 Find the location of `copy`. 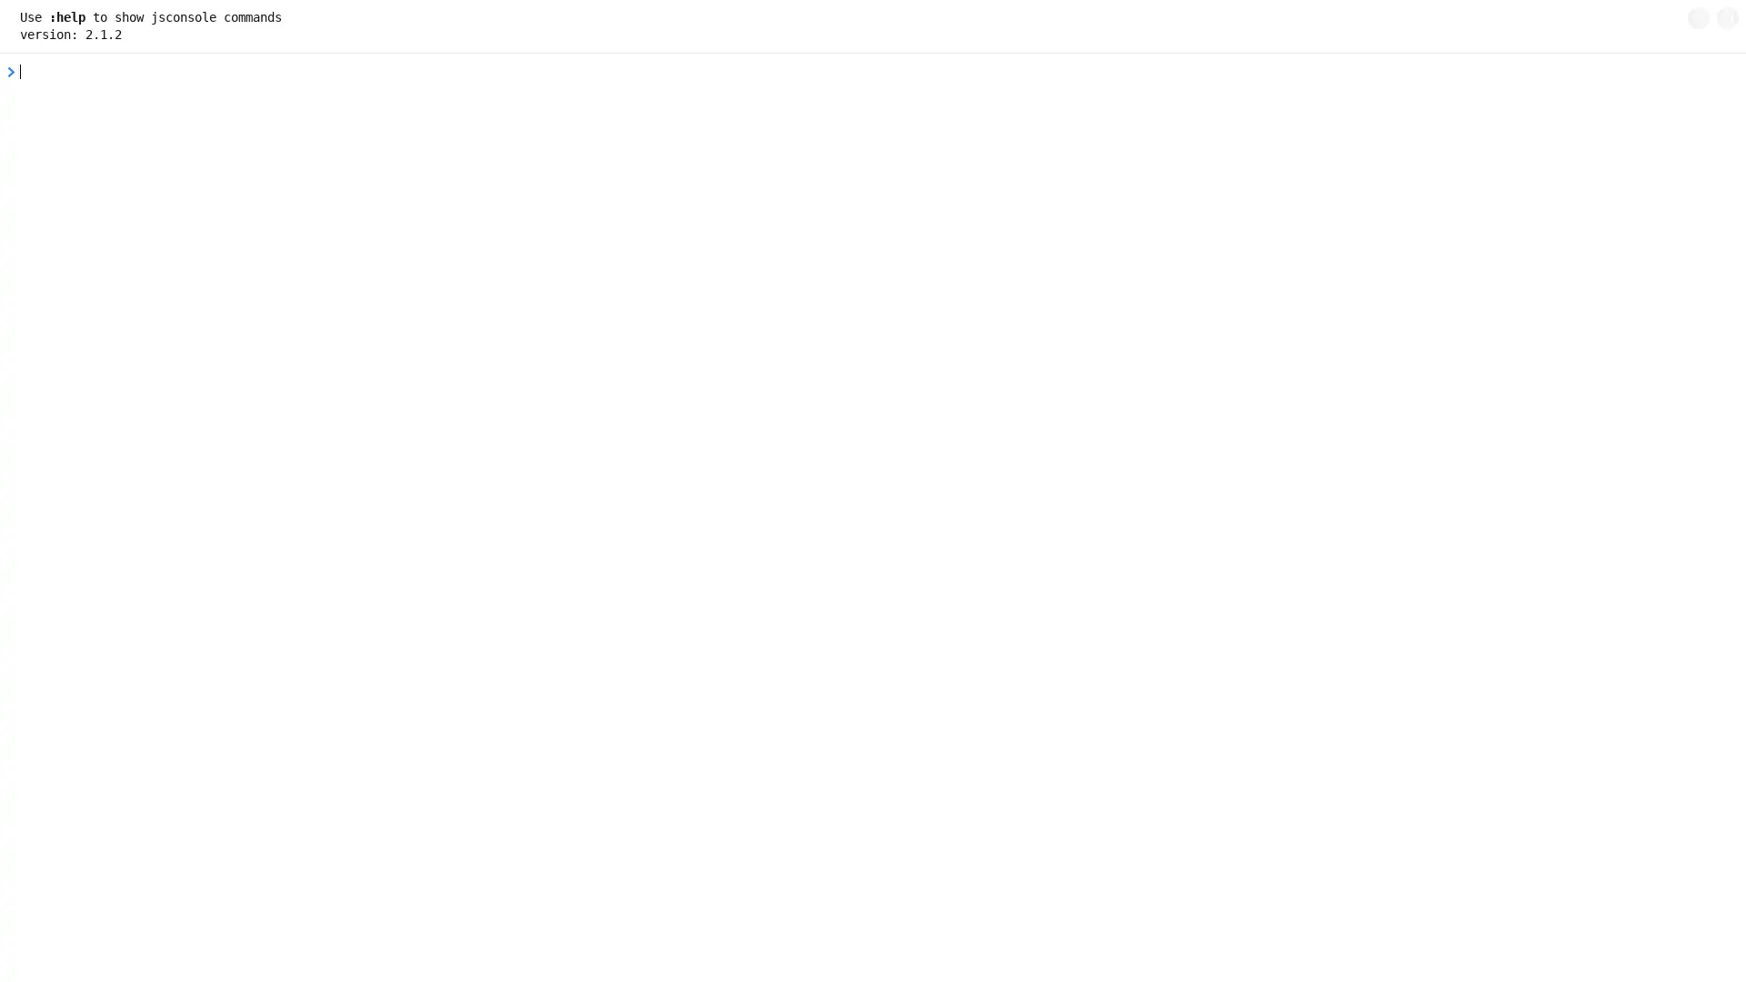

copy is located at coordinates (1727, 17).